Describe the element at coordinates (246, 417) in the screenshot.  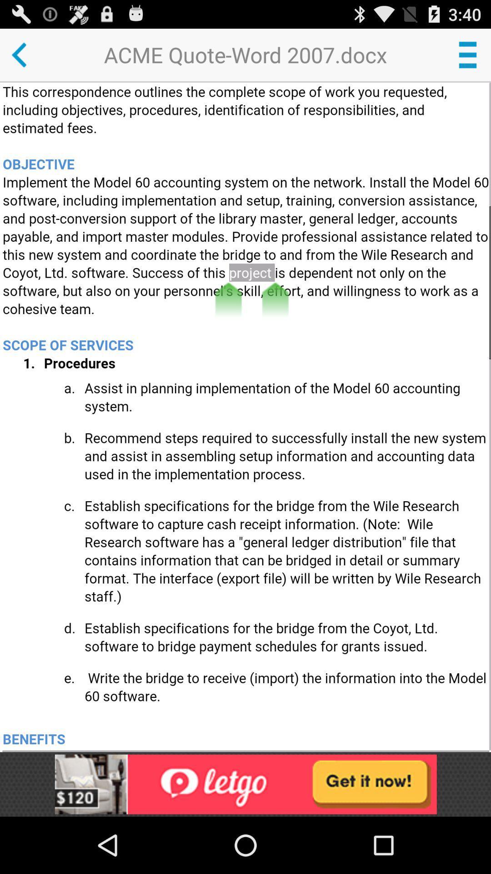
I see `discretion` at that location.